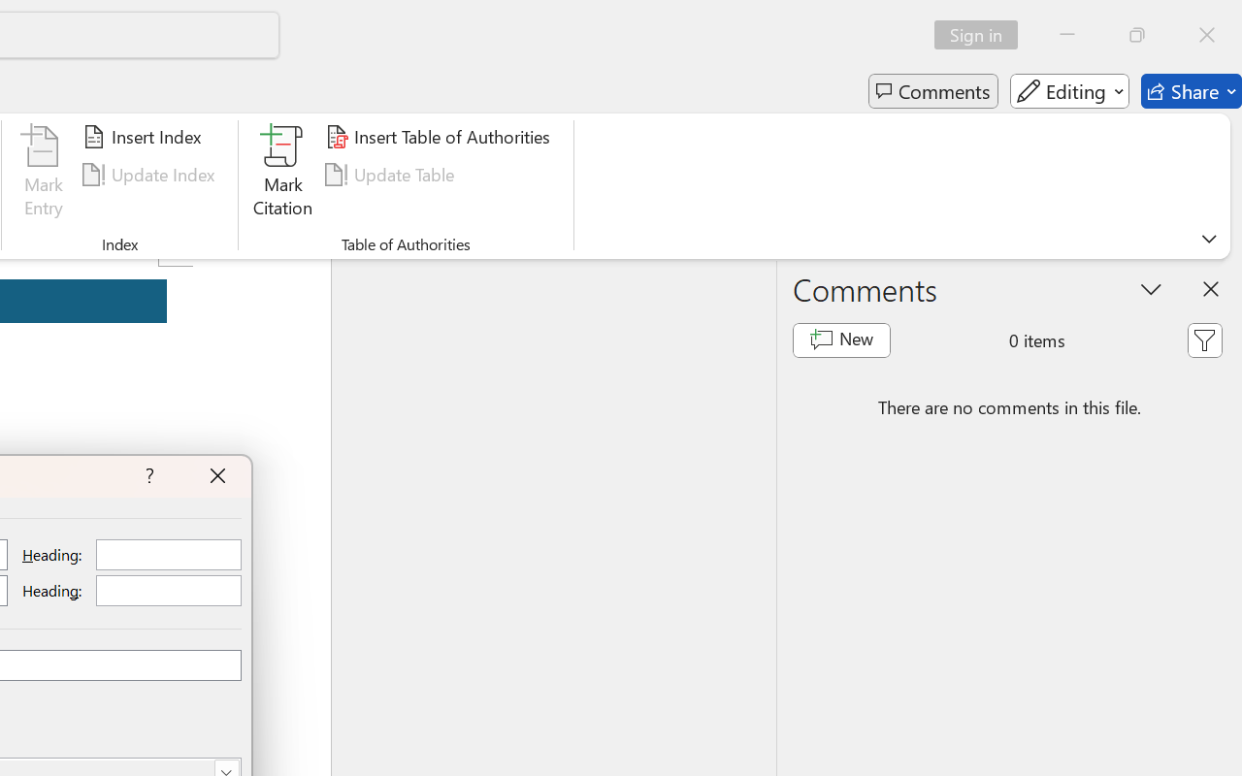 The width and height of the screenshot is (1242, 776). Describe the element at coordinates (282, 174) in the screenshot. I see `'Mark Citation...'` at that location.